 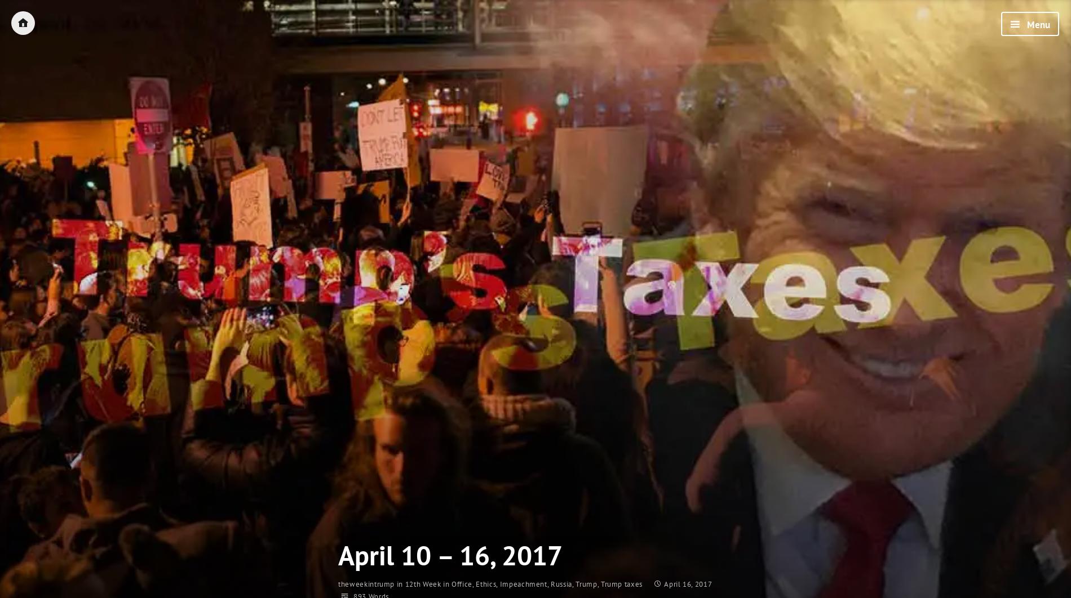 What do you see at coordinates (561, 583) in the screenshot?
I see `'Russia'` at bounding box center [561, 583].